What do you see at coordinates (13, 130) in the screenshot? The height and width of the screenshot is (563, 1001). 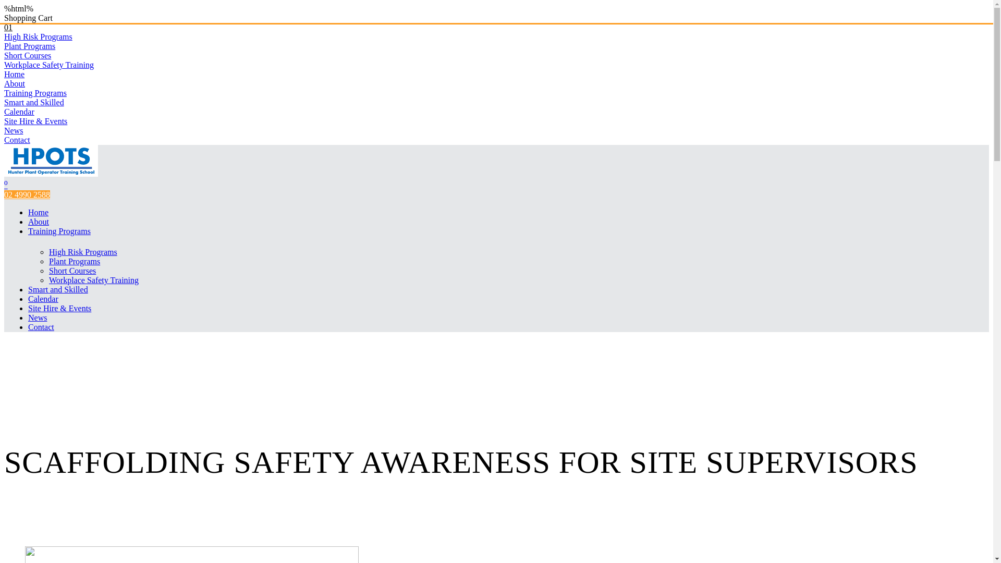 I see `'News'` at bounding box center [13, 130].